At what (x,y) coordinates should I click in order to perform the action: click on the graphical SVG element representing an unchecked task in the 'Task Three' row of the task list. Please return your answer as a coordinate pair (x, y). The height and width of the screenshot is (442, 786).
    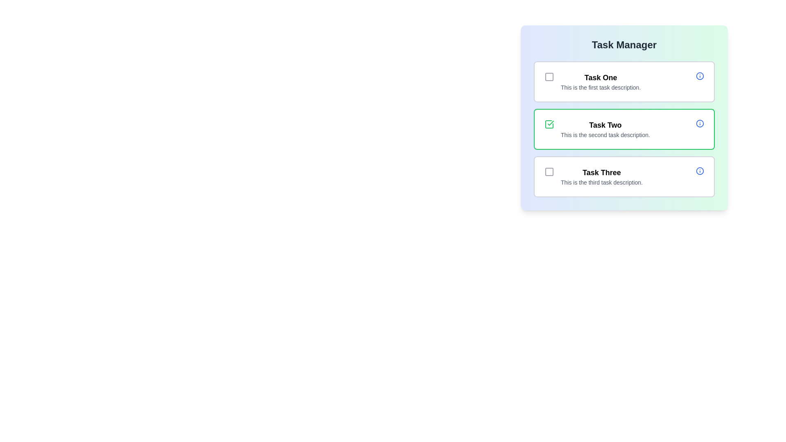
    Looking at the image, I should click on (549, 171).